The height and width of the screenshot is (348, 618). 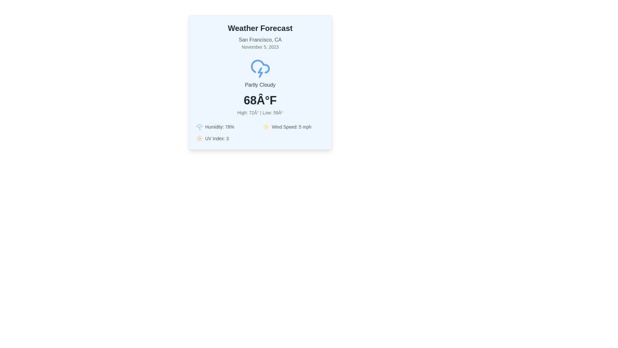 I want to click on the text label displaying 'Humidity: 78%' within the weather forecast interface, so click(x=220, y=127).